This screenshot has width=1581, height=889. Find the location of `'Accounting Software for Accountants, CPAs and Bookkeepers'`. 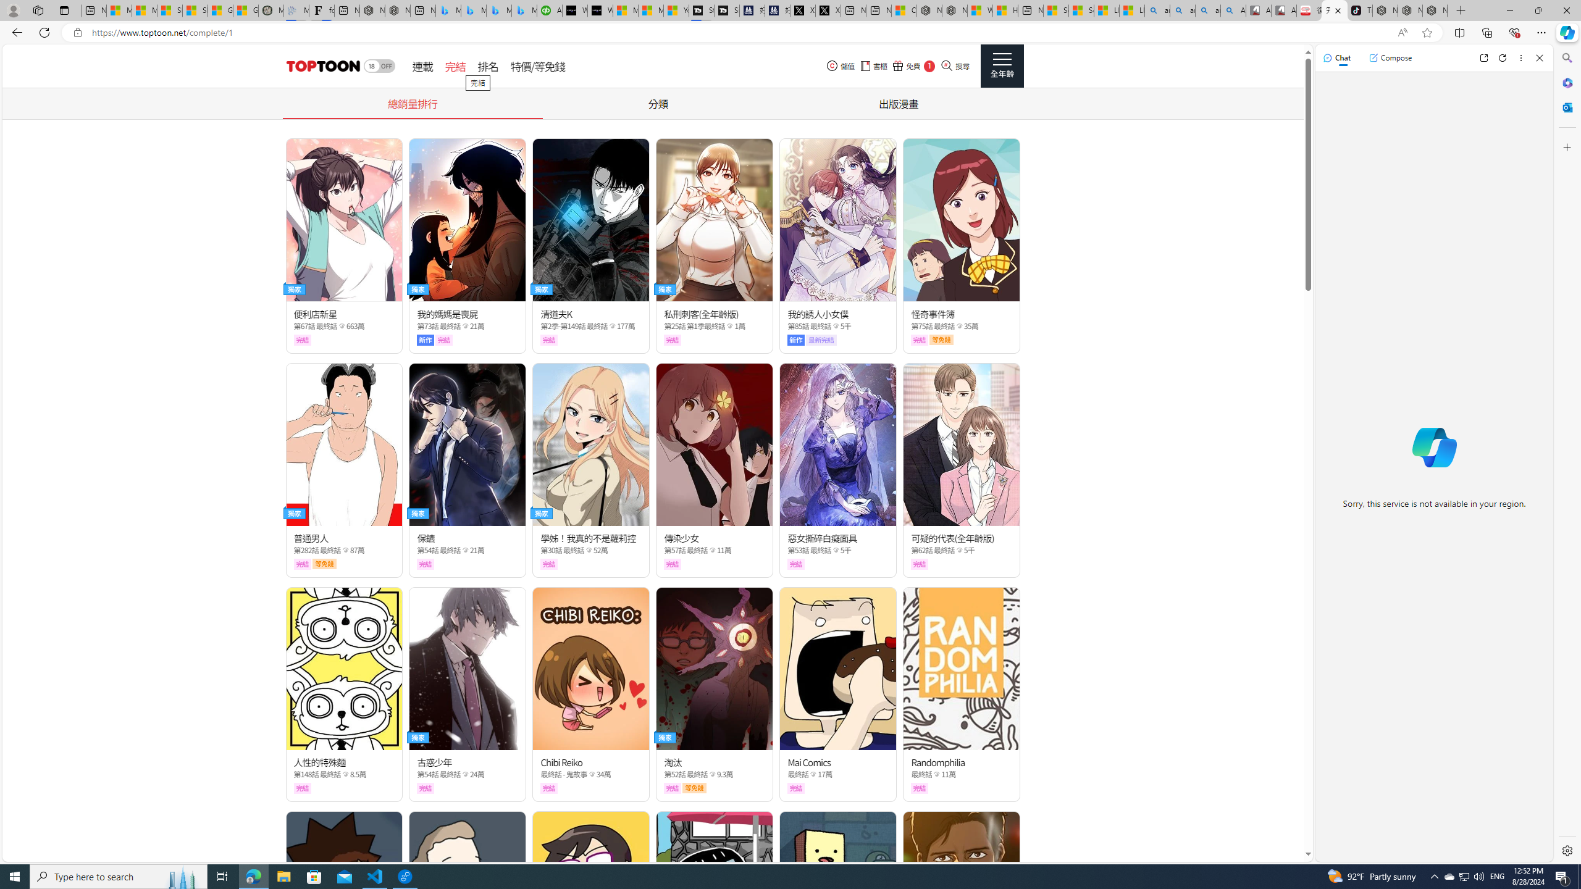

'Accounting Software for Accountants, CPAs and Bookkeepers' is located at coordinates (548, 10).